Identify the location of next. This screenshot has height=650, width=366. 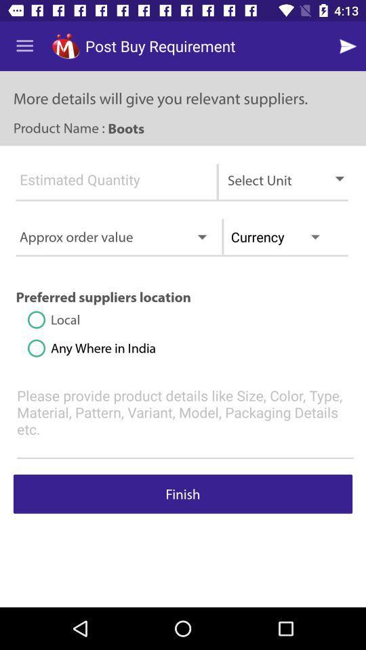
(350, 46).